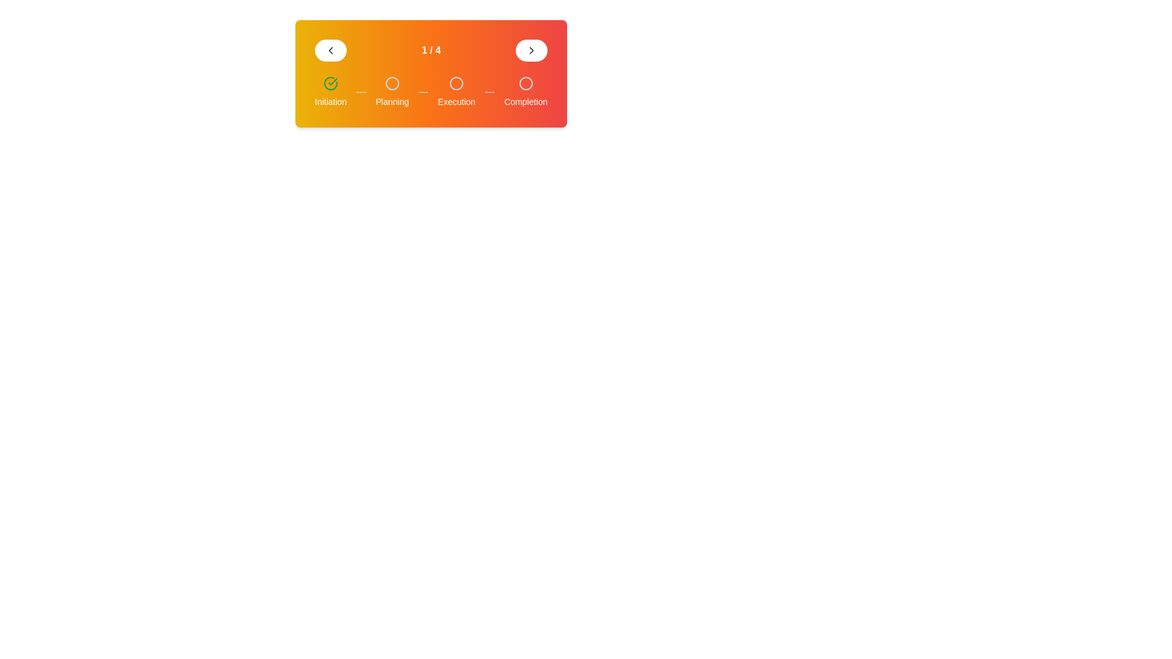 This screenshot has width=1172, height=659. I want to click on the circular icon representing the third phase in the progress bar under the label 'Execution', so click(456, 83).